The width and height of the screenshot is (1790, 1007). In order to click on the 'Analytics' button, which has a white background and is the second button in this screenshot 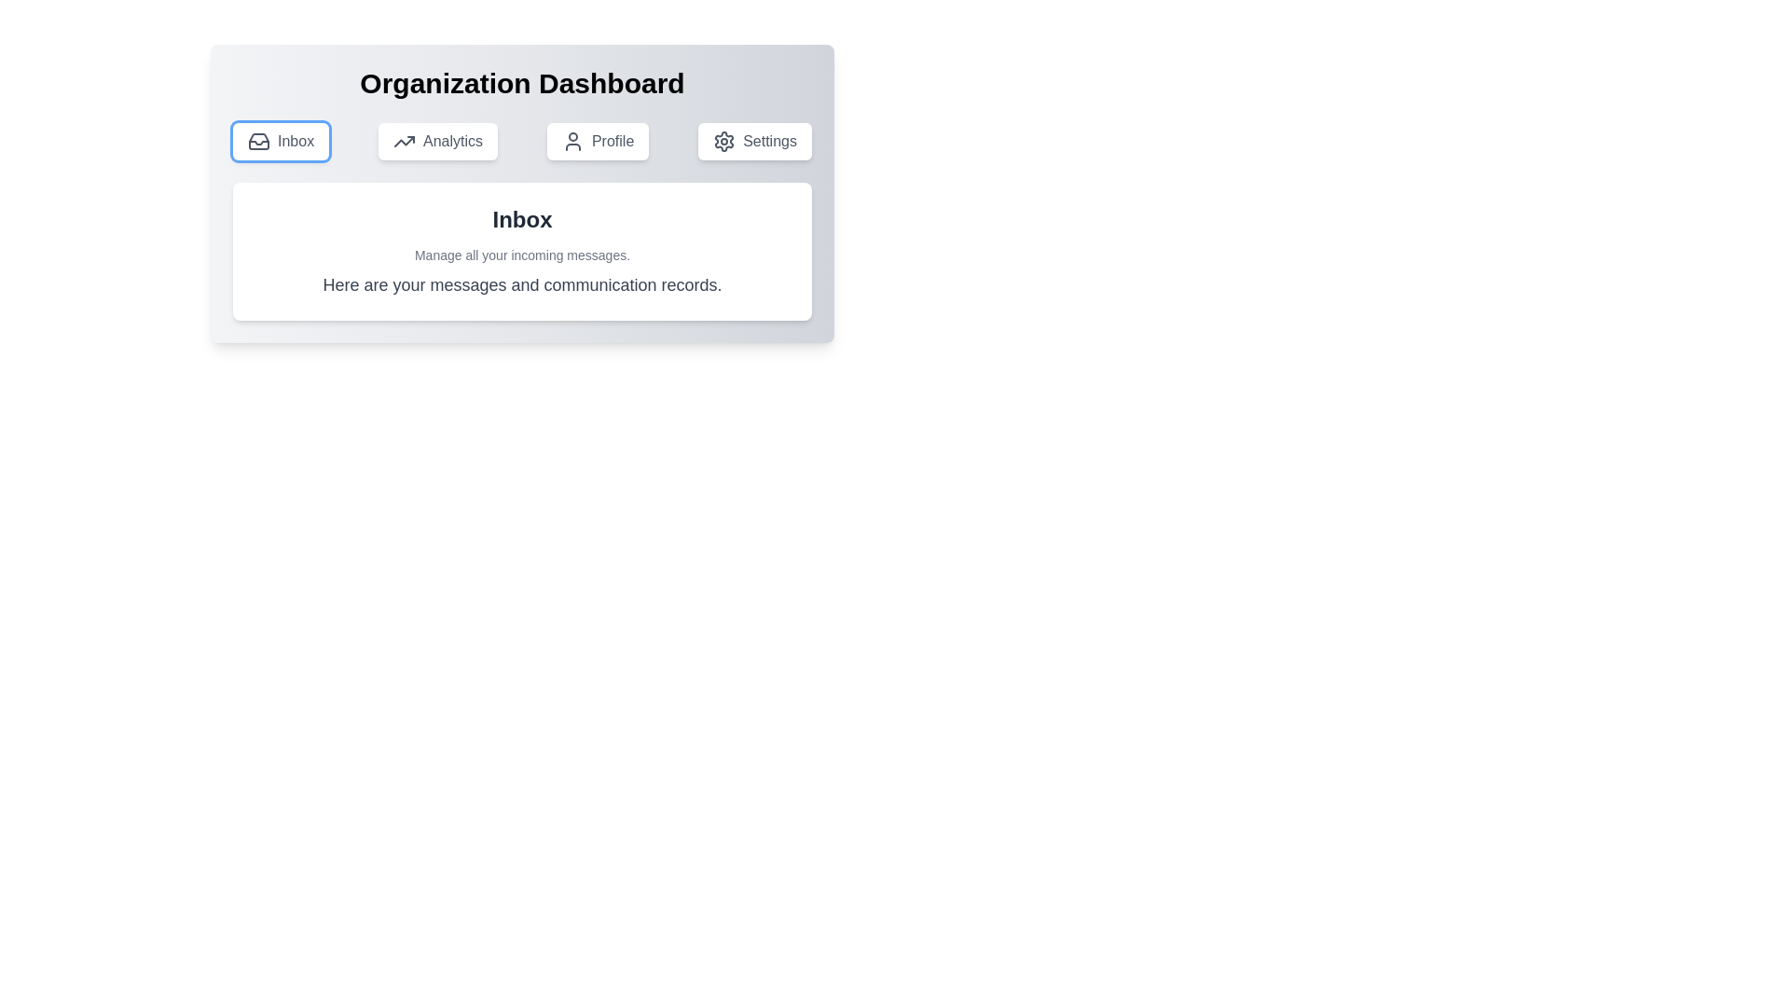, I will do `click(437, 140)`.